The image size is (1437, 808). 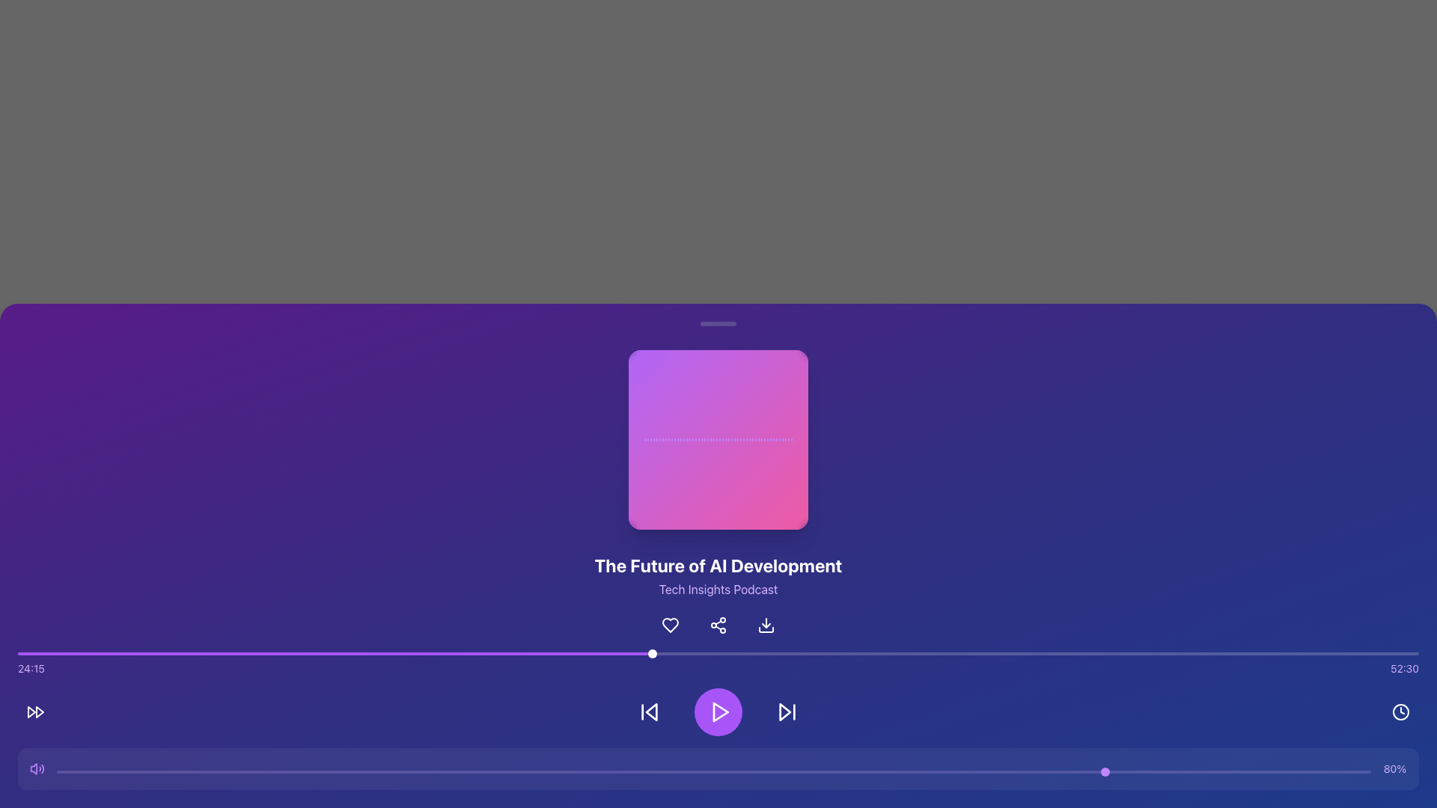 I want to click on the leftmost backward skip button in the media player interface, so click(x=650, y=711).